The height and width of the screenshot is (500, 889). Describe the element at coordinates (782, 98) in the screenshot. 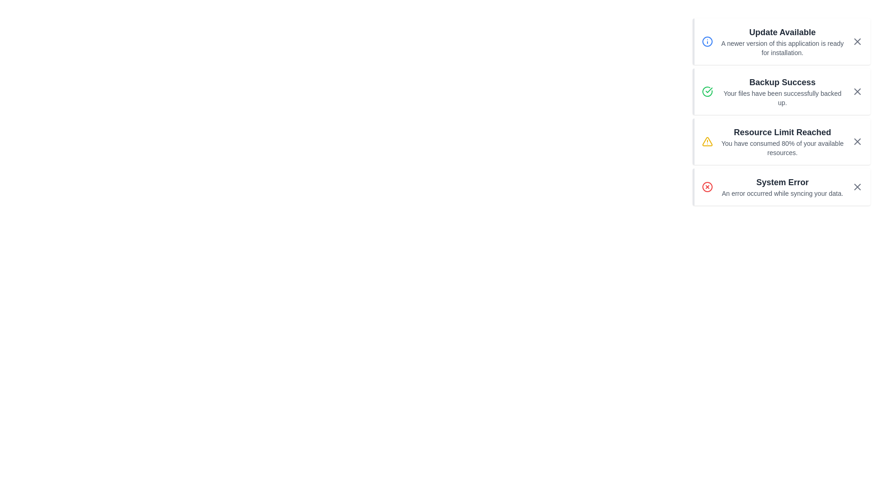

I see `the text label displaying 'Your files have been successfully backed up.' within the 'Backup Success' notification card` at that location.